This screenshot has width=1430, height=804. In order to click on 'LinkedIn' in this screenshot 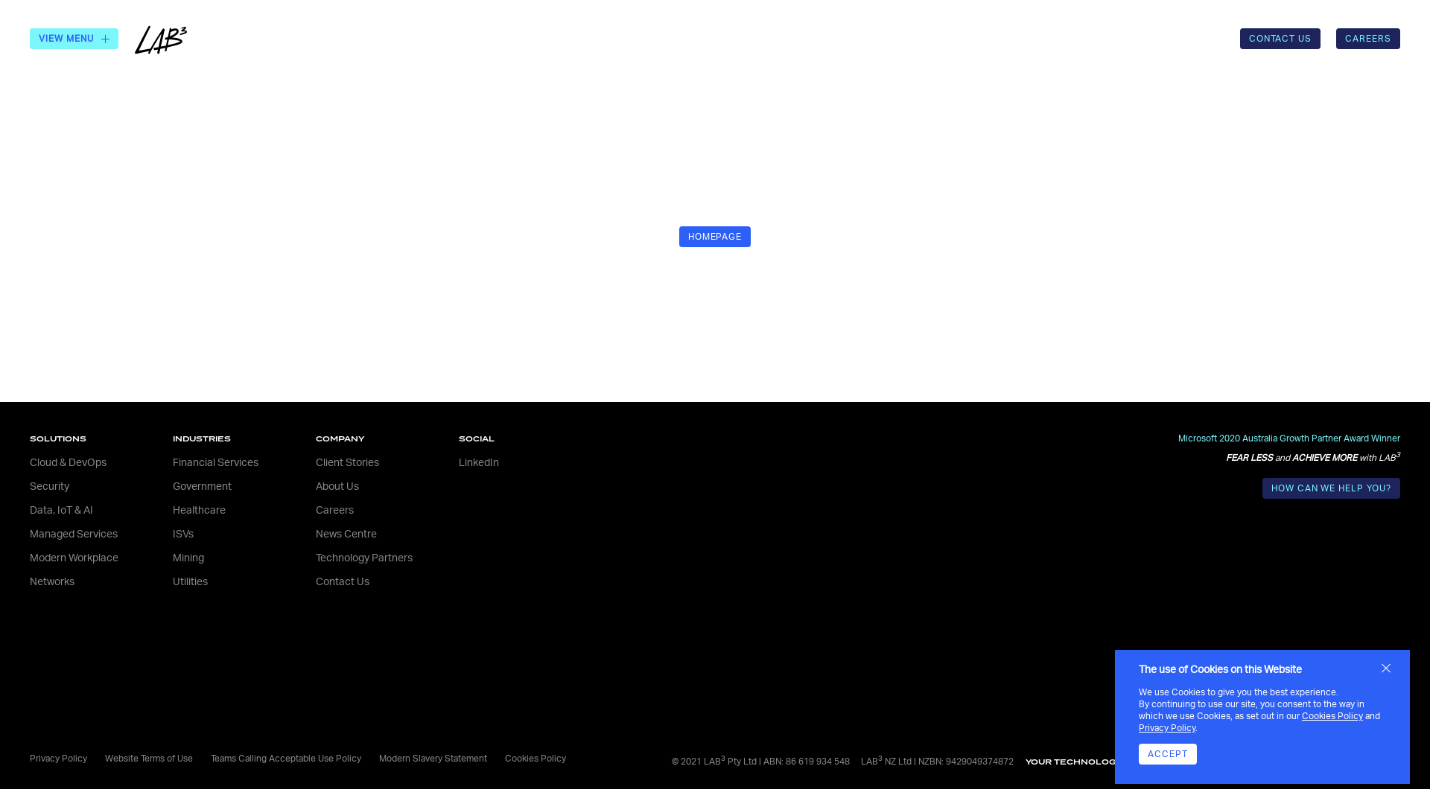, I will do `click(479, 462)`.